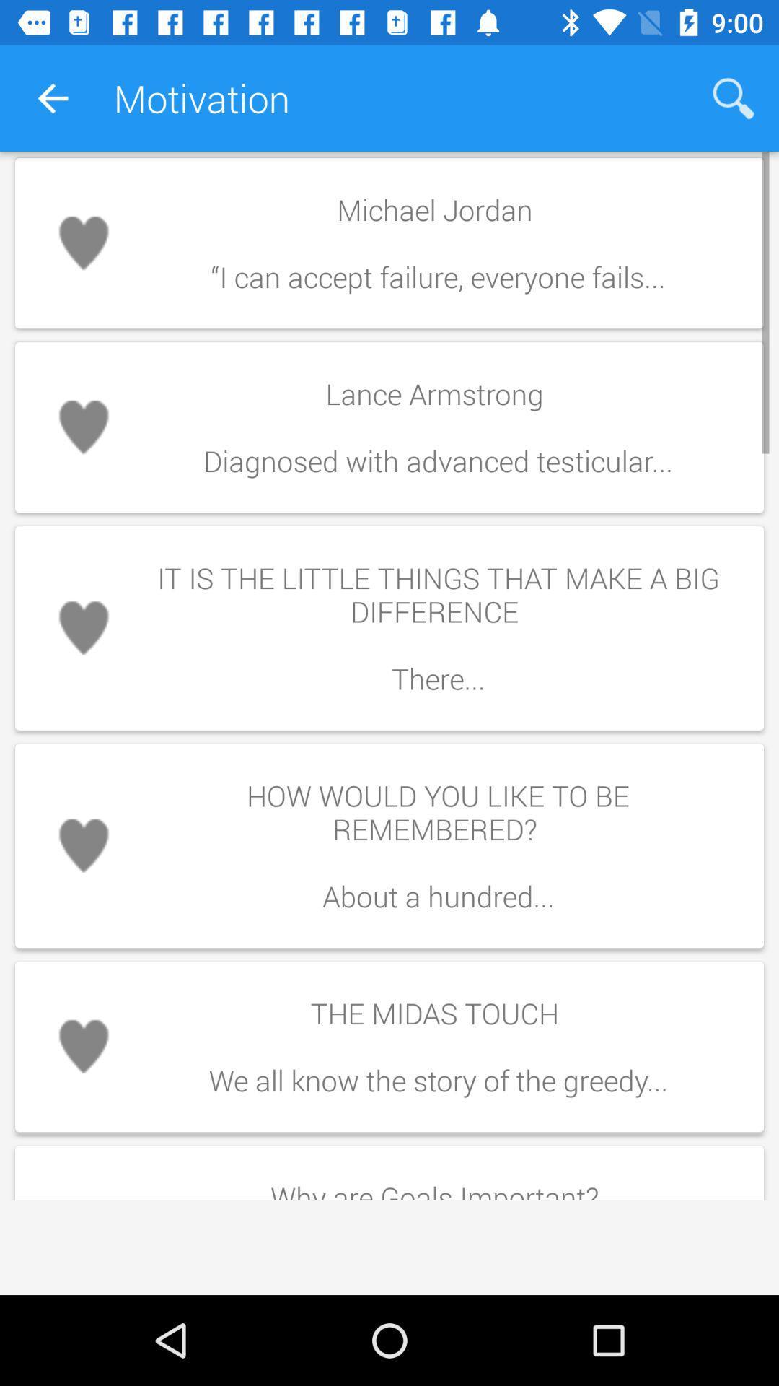 This screenshot has width=779, height=1386. I want to click on michael jordan  item, so click(437, 243).